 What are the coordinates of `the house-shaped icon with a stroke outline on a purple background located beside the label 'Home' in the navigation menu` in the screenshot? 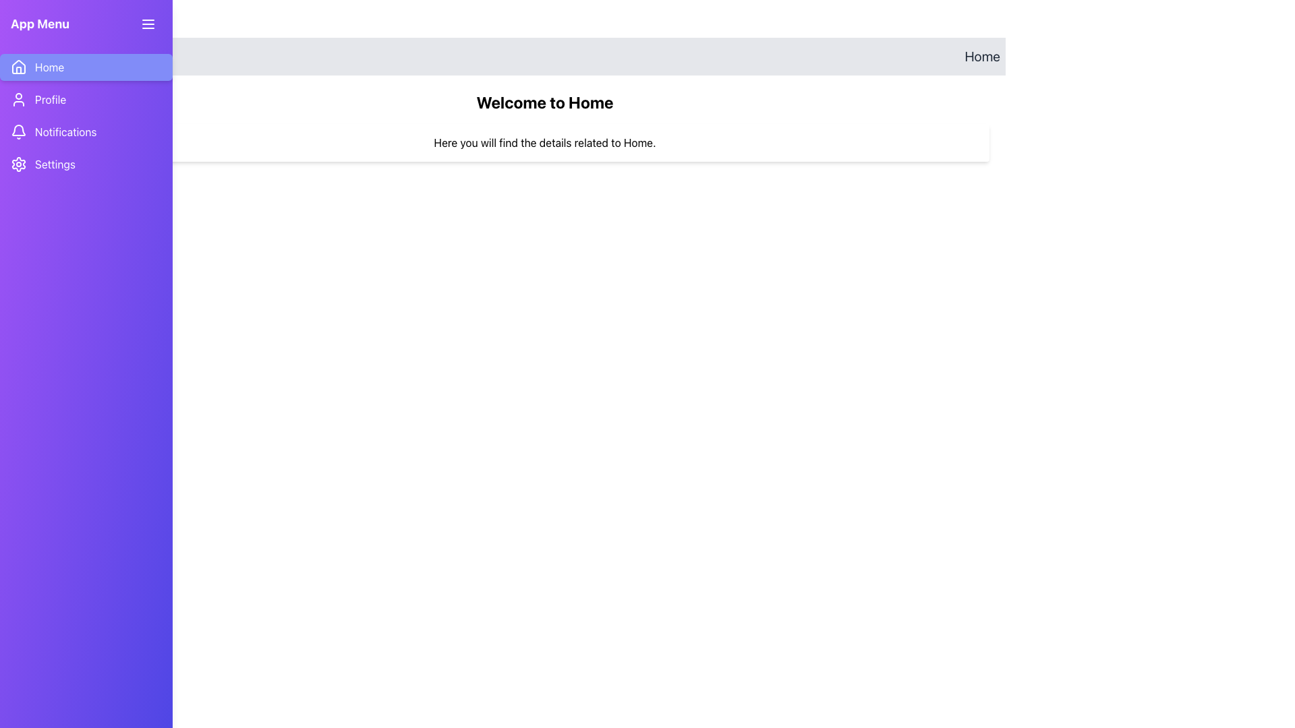 It's located at (19, 67).